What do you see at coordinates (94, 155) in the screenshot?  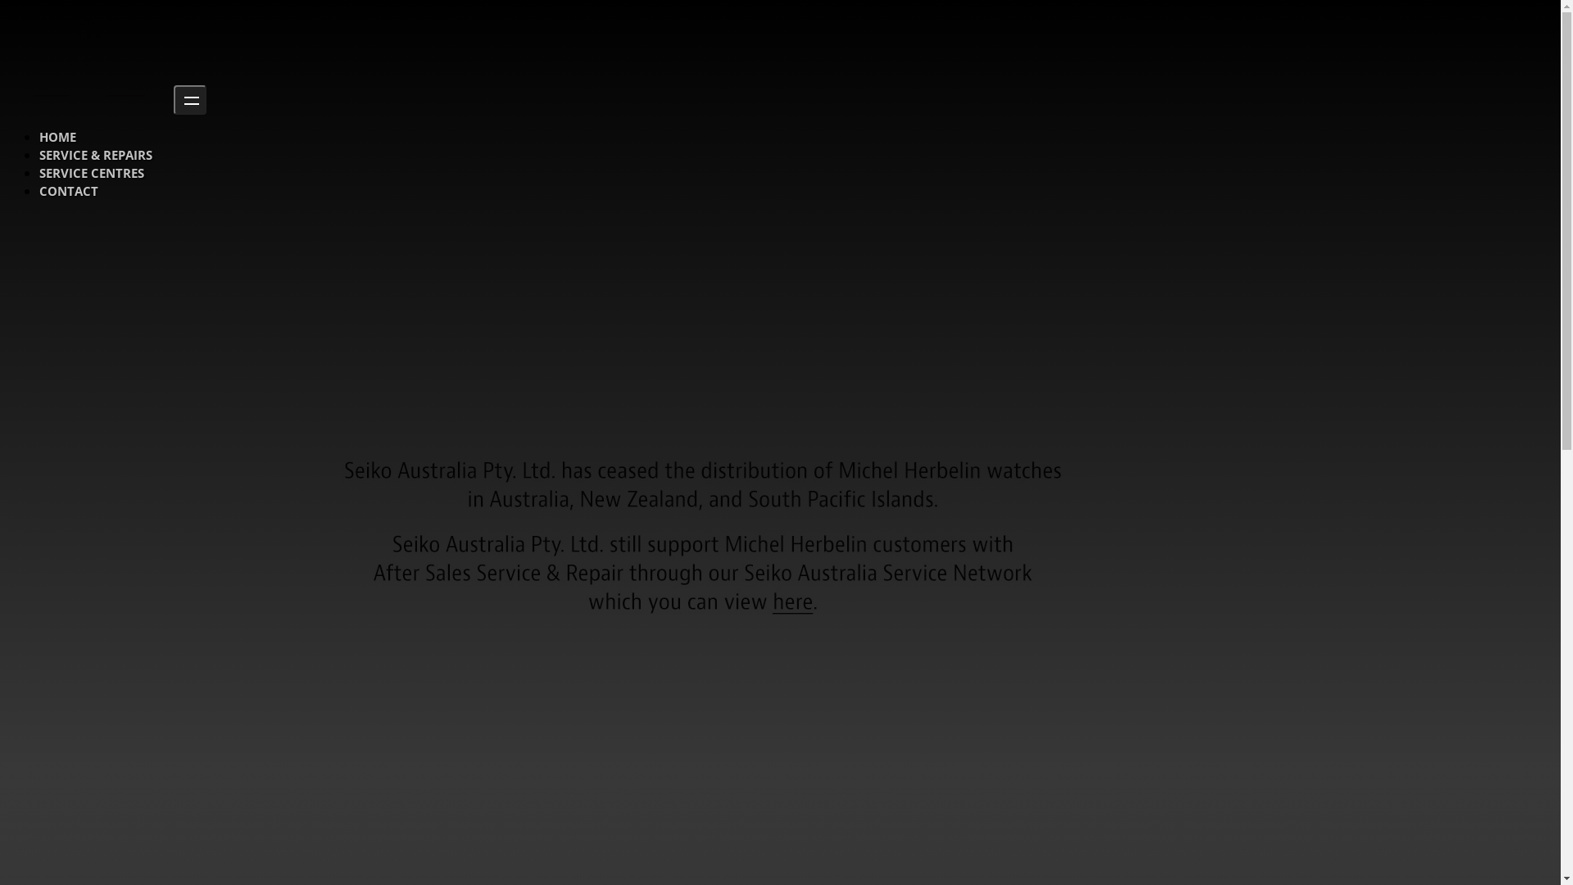 I see `'SERVICE & REPAIRS'` at bounding box center [94, 155].